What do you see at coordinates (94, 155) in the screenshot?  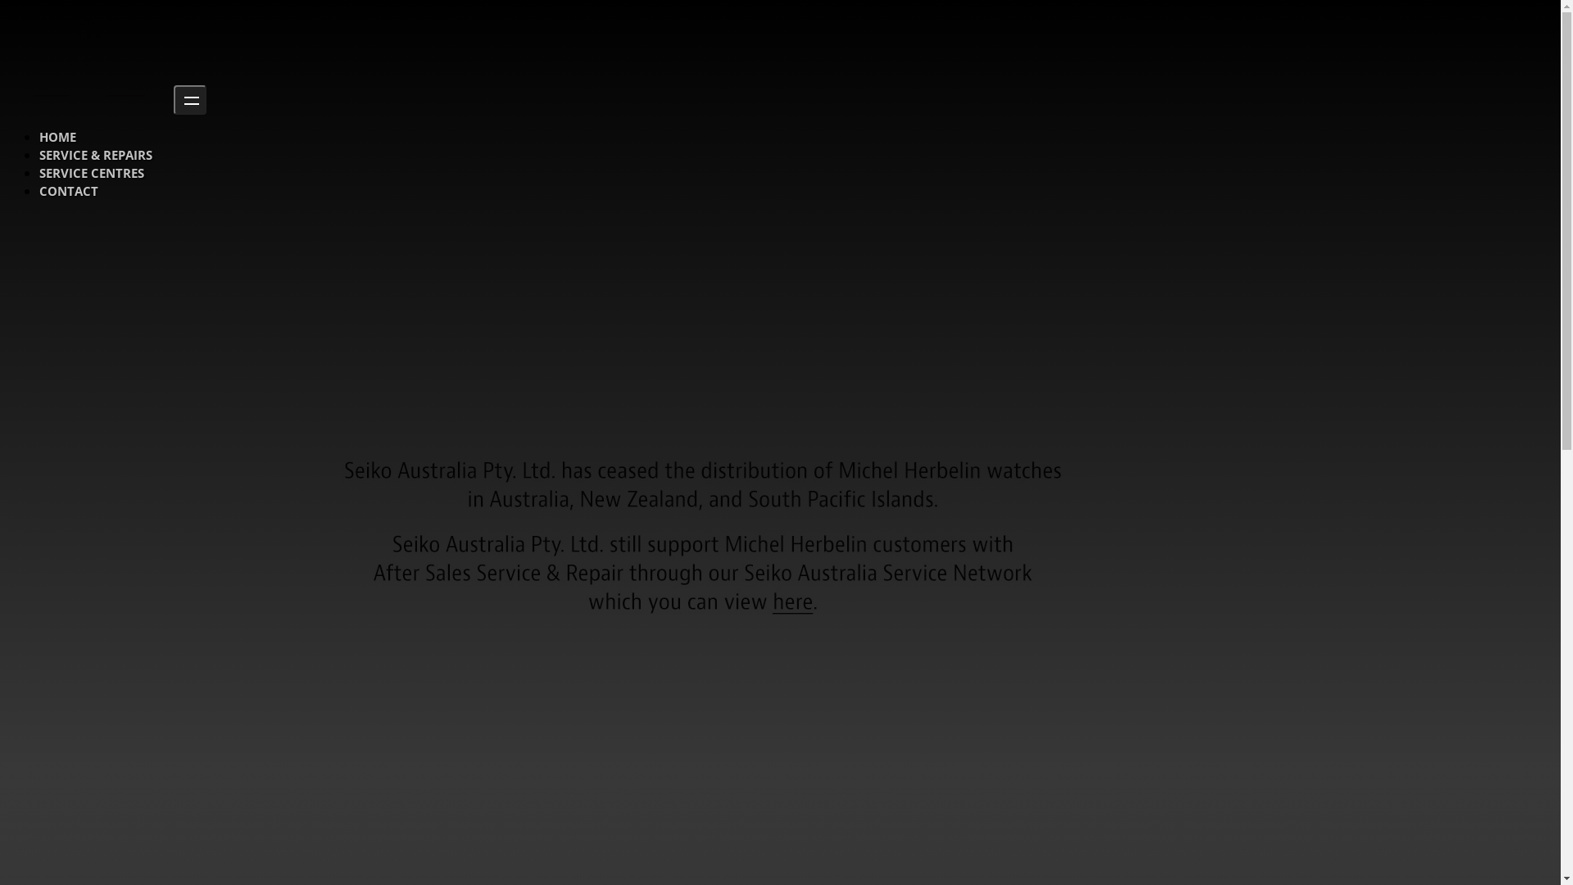 I see `'SERVICE & REPAIRS'` at bounding box center [94, 155].